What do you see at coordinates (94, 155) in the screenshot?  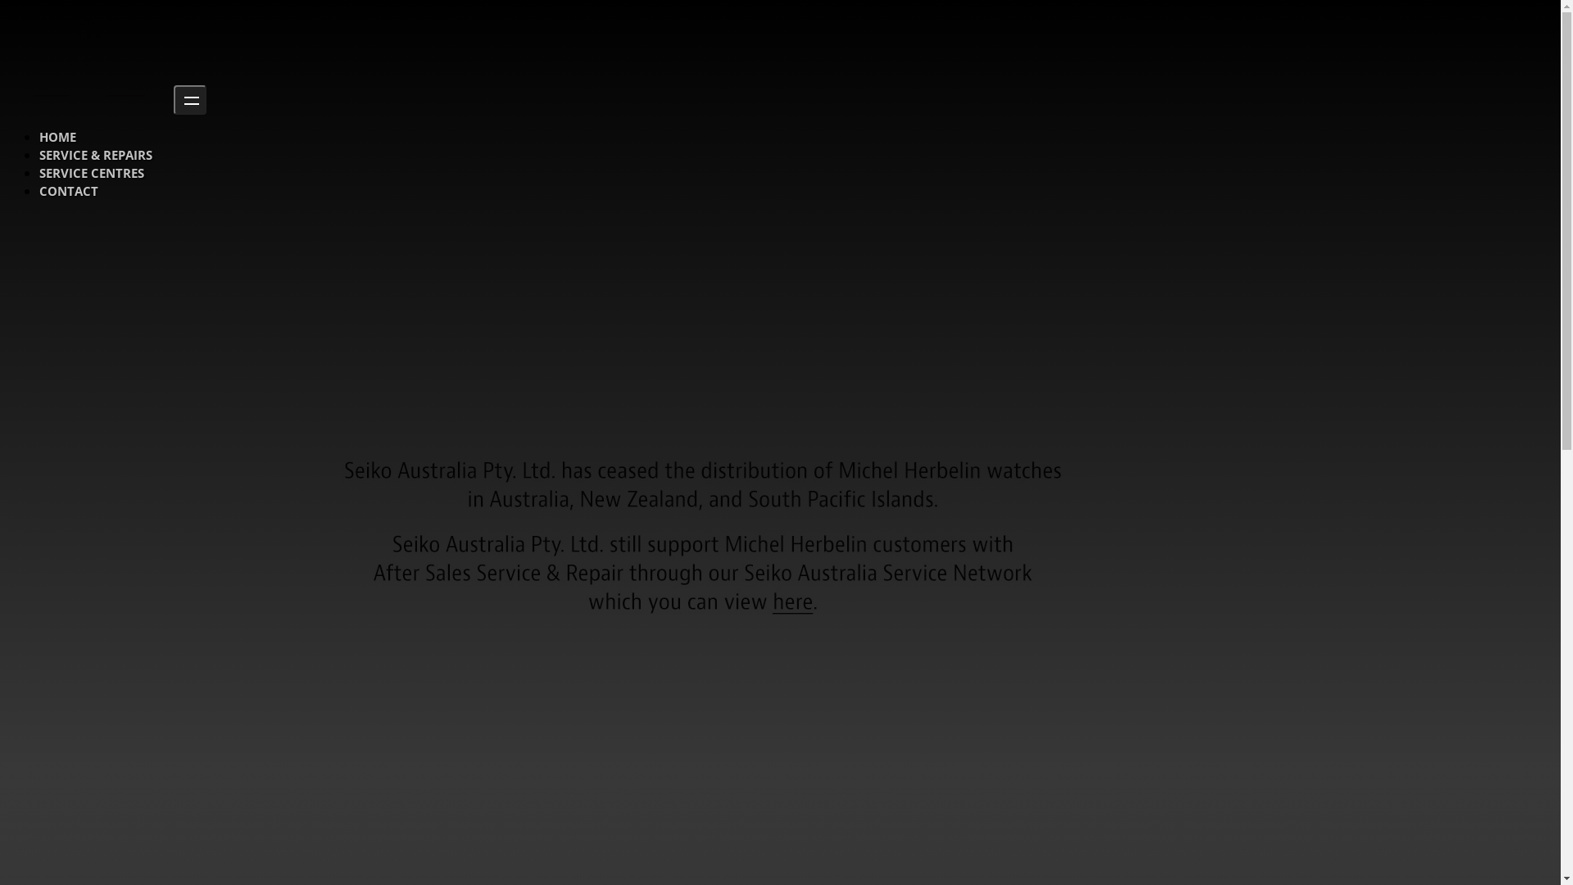 I see `'SERVICE & REPAIRS'` at bounding box center [94, 155].